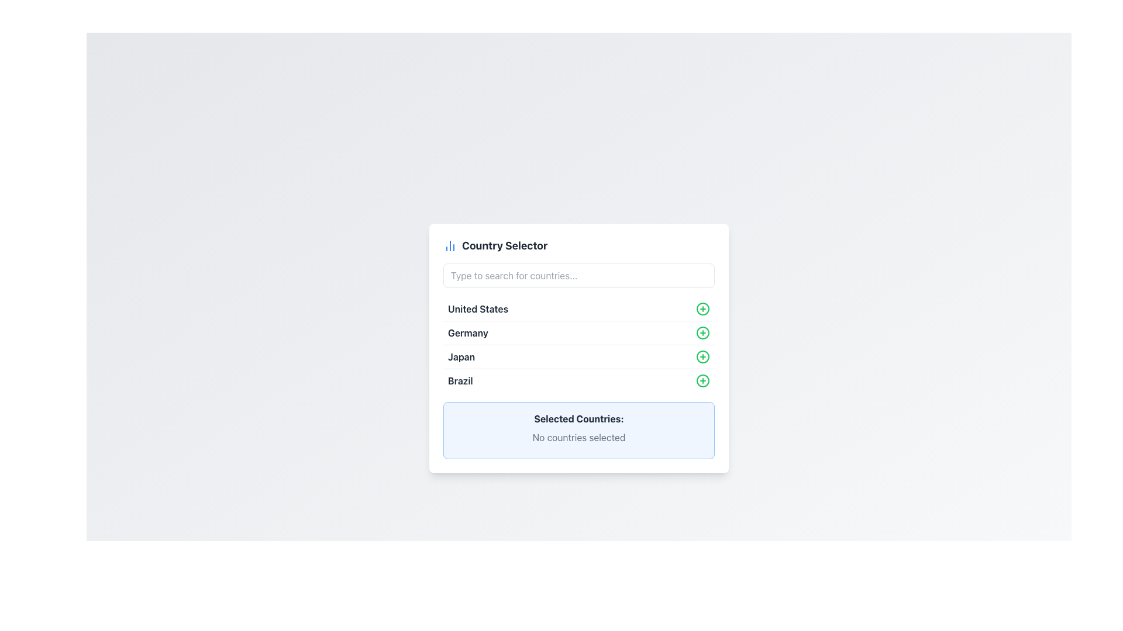  Describe the element at coordinates (578, 437) in the screenshot. I see `status message from the text label located in the 'Selected Countries:' section, positioned below the header and within a blue background` at that location.